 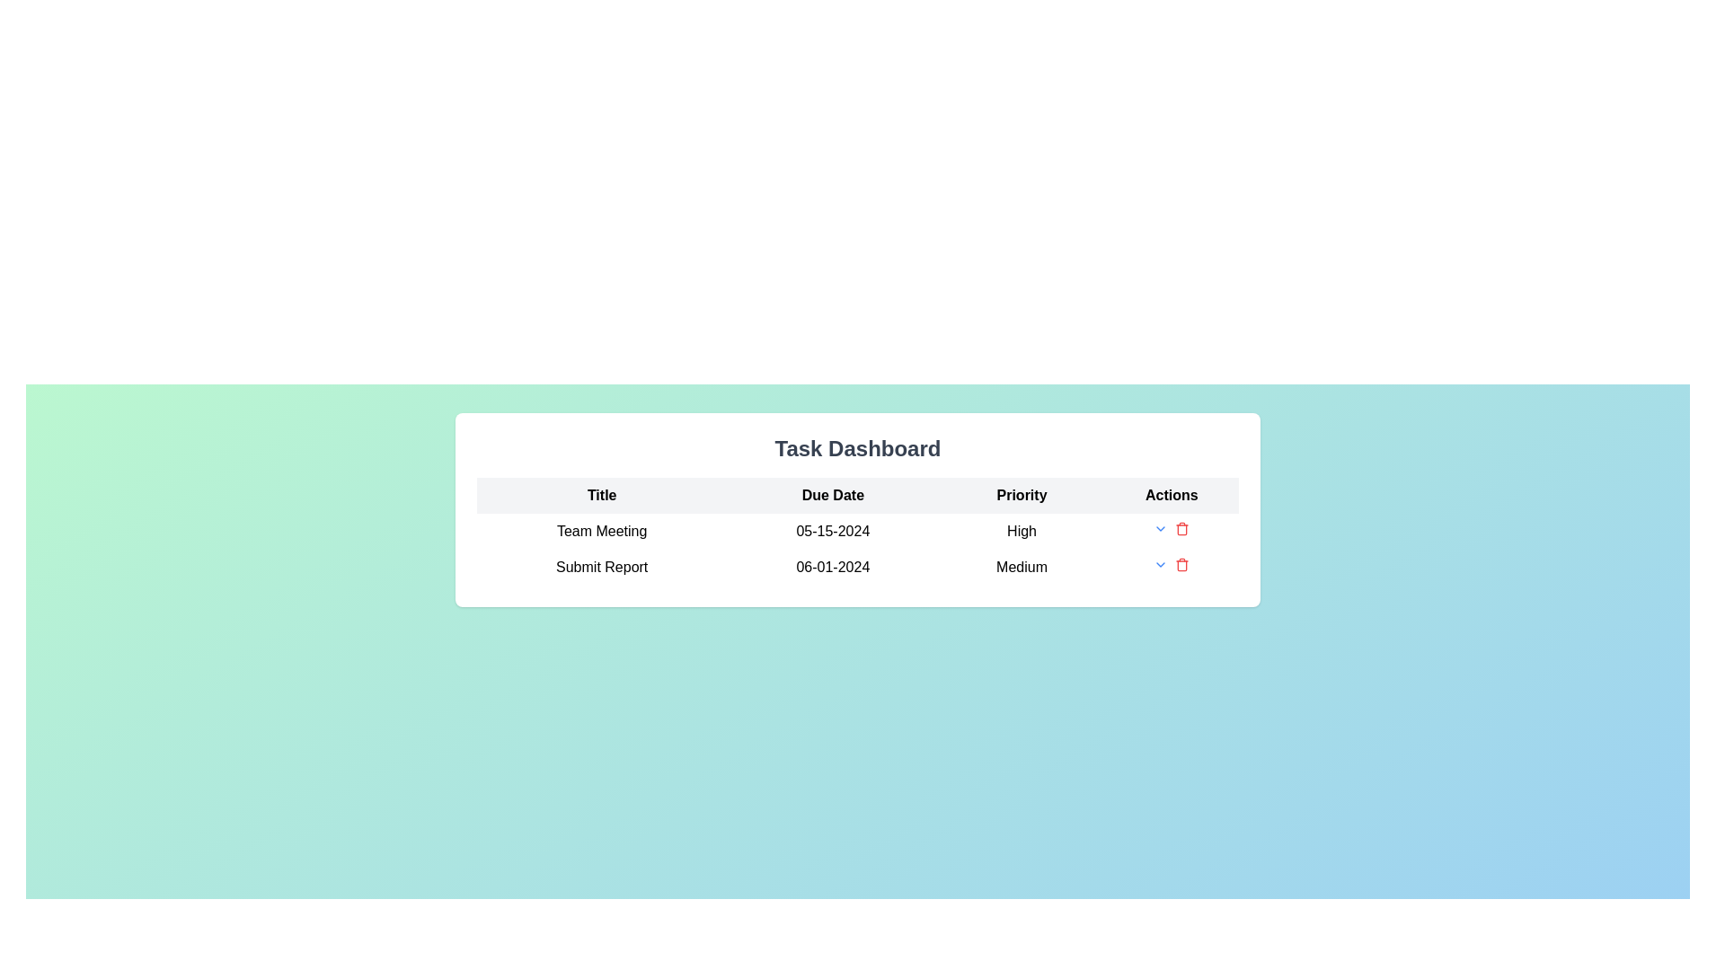 What do you see at coordinates (602, 568) in the screenshot?
I see `the static text element displaying 'Submit Report', which is located in the second row of the table under the 'Title' column` at bounding box center [602, 568].